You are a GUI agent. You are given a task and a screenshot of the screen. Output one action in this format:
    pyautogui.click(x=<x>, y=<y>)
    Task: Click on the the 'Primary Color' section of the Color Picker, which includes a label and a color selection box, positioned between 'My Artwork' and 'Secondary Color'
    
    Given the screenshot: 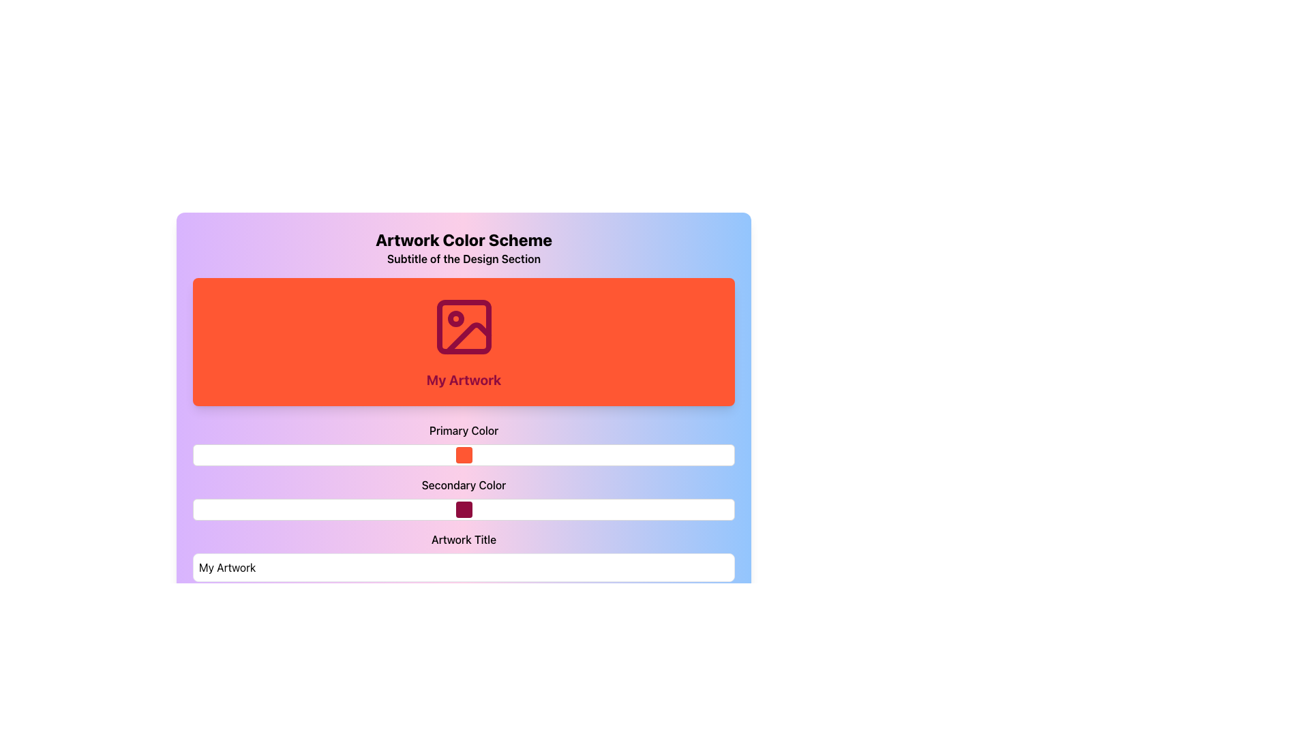 What is the action you would take?
    pyautogui.click(x=464, y=444)
    